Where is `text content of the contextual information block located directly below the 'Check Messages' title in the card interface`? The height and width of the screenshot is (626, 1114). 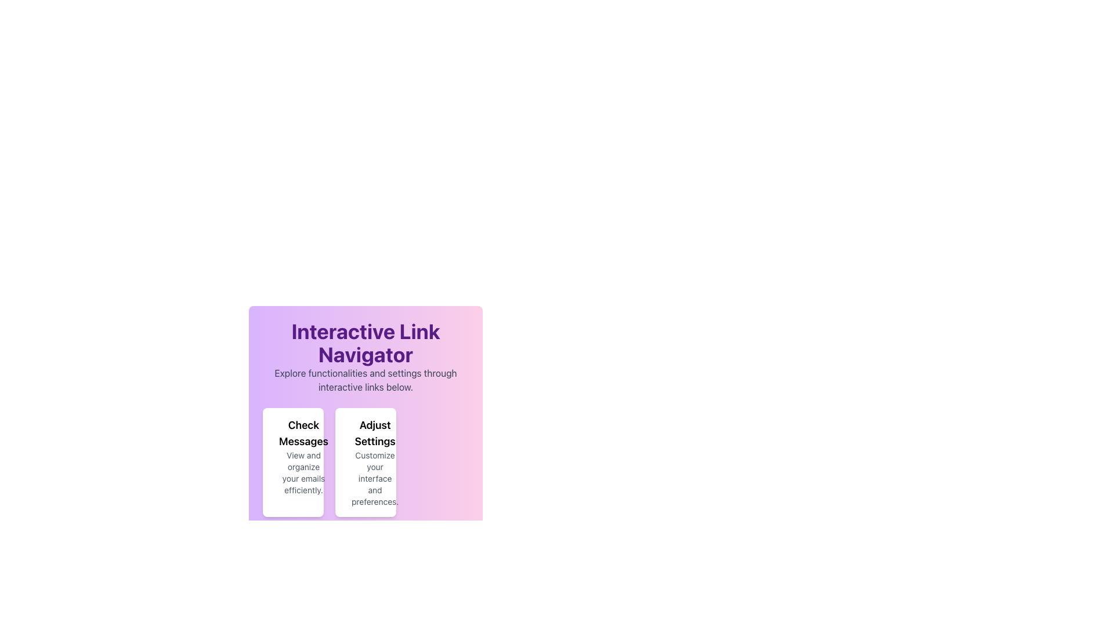 text content of the contextual information block located directly below the 'Check Messages' title in the card interface is located at coordinates (303, 473).